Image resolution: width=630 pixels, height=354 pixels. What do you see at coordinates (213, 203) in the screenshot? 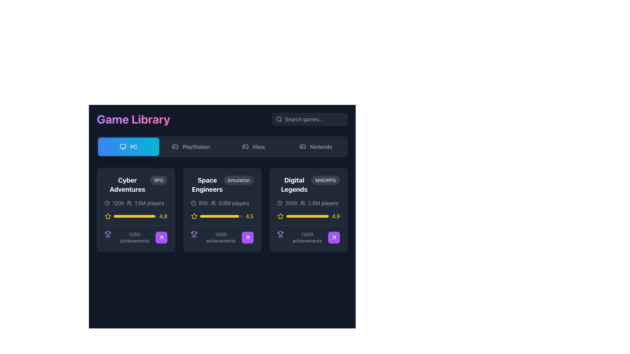
I see `the small icon representing a group of users for the game 'Space Engineers', which is located to the right of '85h' and to the left of '0.8M players'` at bounding box center [213, 203].